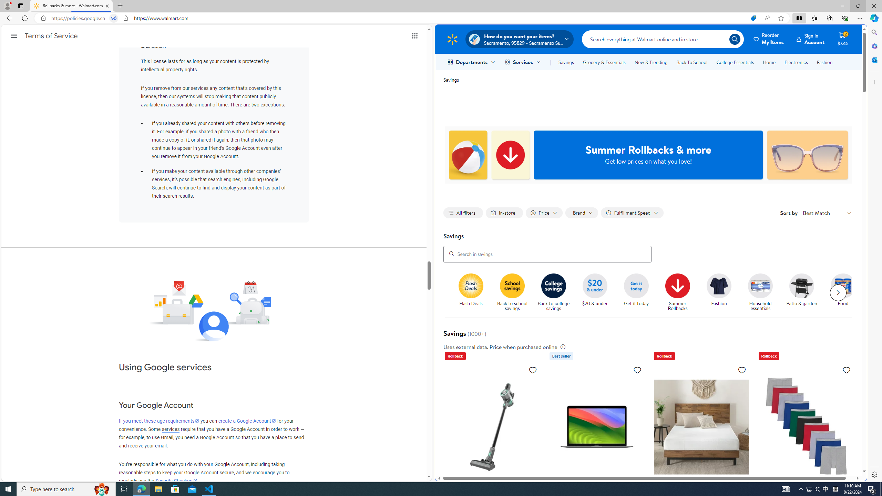  Describe the element at coordinates (734, 39) in the screenshot. I see `'Search icon'` at that location.